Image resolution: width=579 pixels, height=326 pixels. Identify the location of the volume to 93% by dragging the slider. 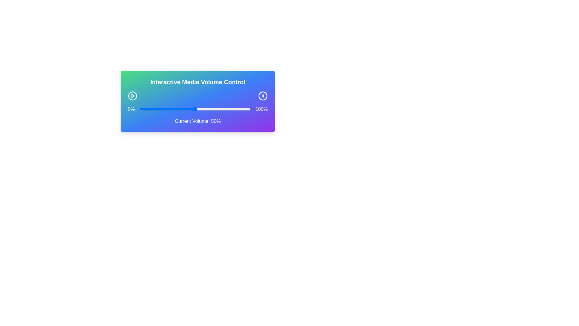
(243, 109).